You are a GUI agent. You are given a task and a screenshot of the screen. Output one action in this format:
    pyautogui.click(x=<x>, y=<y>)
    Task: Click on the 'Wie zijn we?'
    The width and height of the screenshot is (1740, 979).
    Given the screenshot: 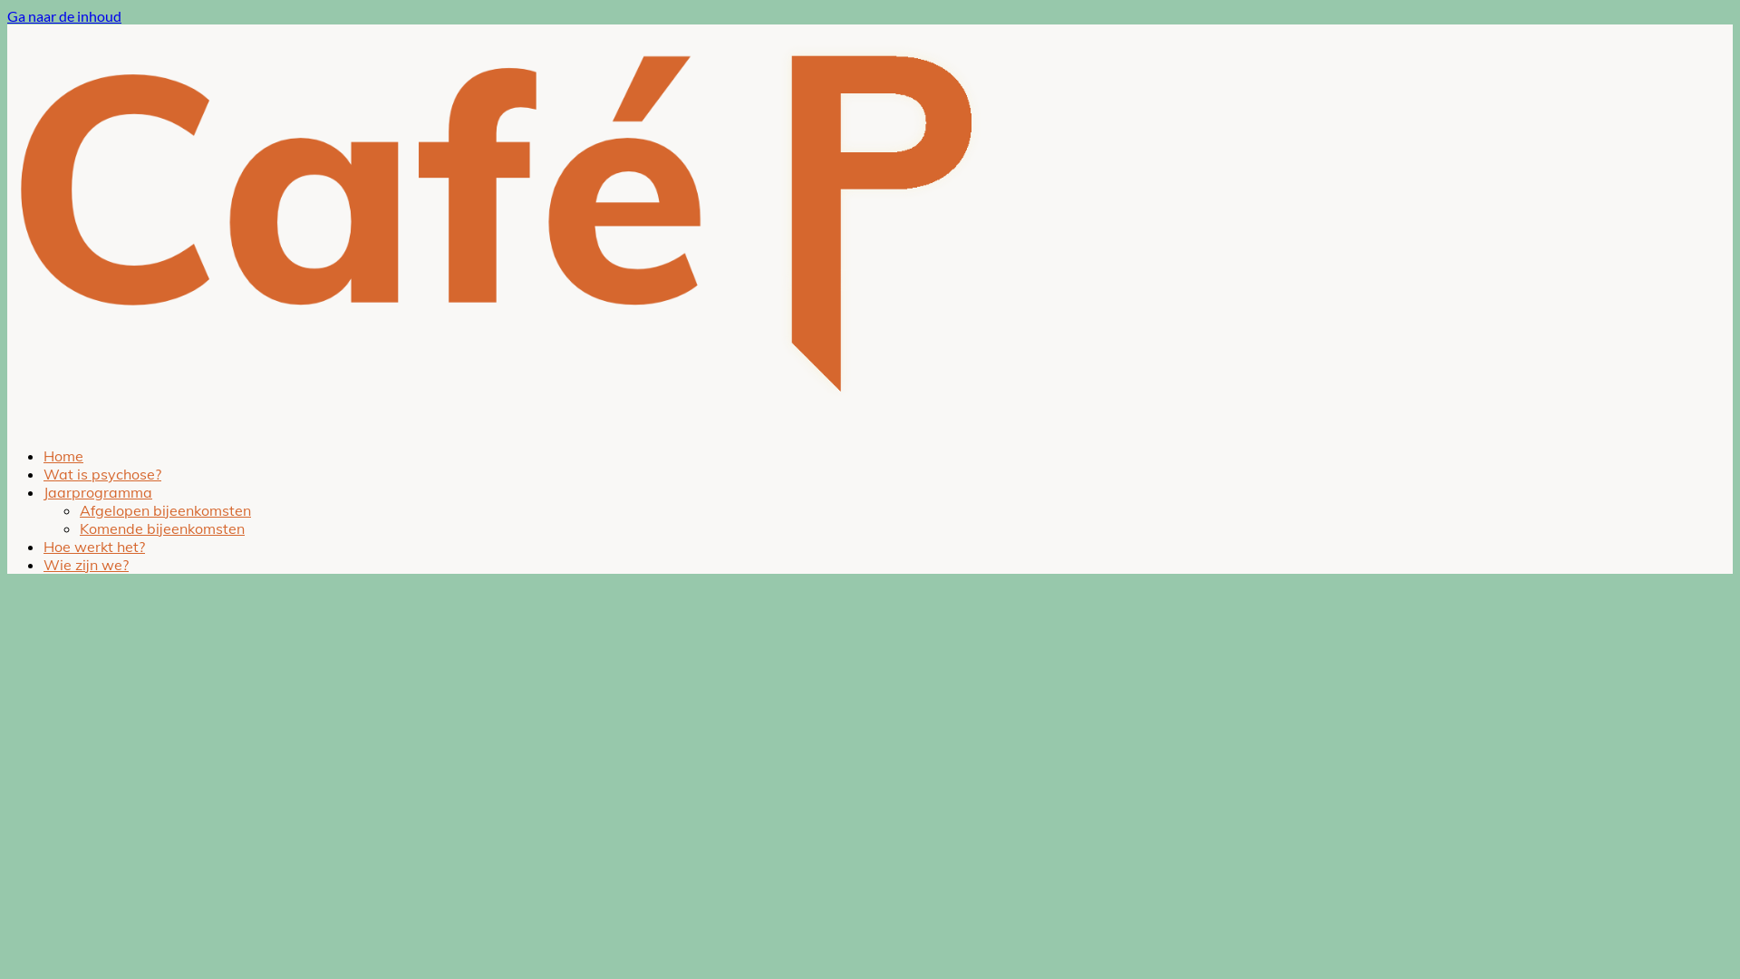 What is the action you would take?
    pyautogui.click(x=85, y=564)
    